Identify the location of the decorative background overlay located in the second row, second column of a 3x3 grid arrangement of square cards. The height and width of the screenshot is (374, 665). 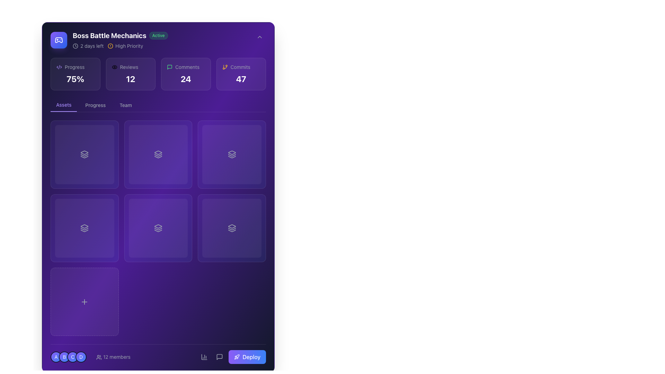
(158, 154).